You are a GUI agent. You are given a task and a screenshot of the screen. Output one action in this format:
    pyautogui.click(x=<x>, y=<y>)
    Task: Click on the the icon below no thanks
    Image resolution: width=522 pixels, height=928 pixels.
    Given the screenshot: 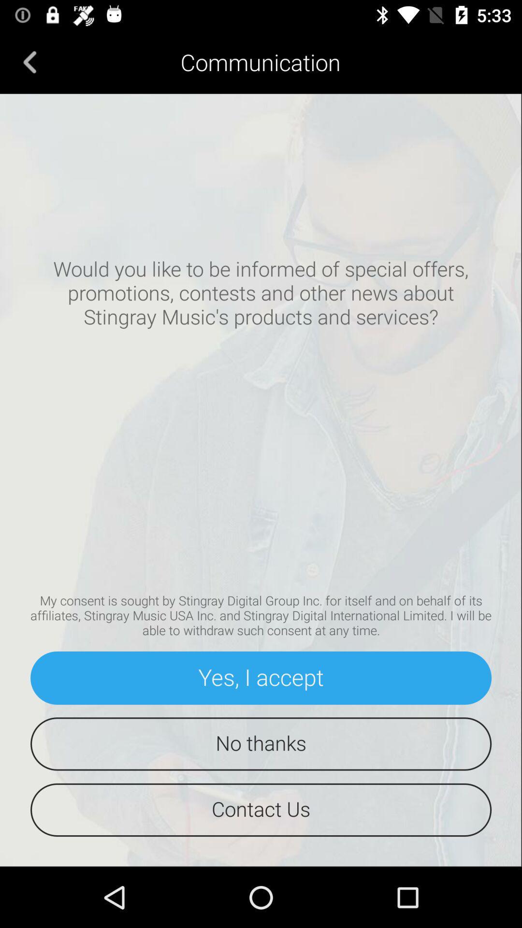 What is the action you would take?
    pyautogui.click(x=261, y=810)
    